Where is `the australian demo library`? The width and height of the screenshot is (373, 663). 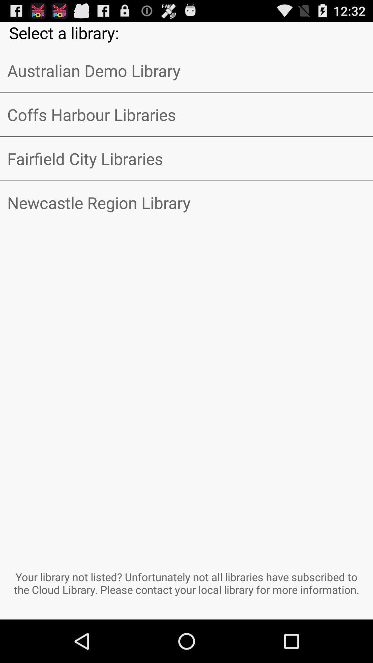 the australian demo library is located at coordinates (186, 70).